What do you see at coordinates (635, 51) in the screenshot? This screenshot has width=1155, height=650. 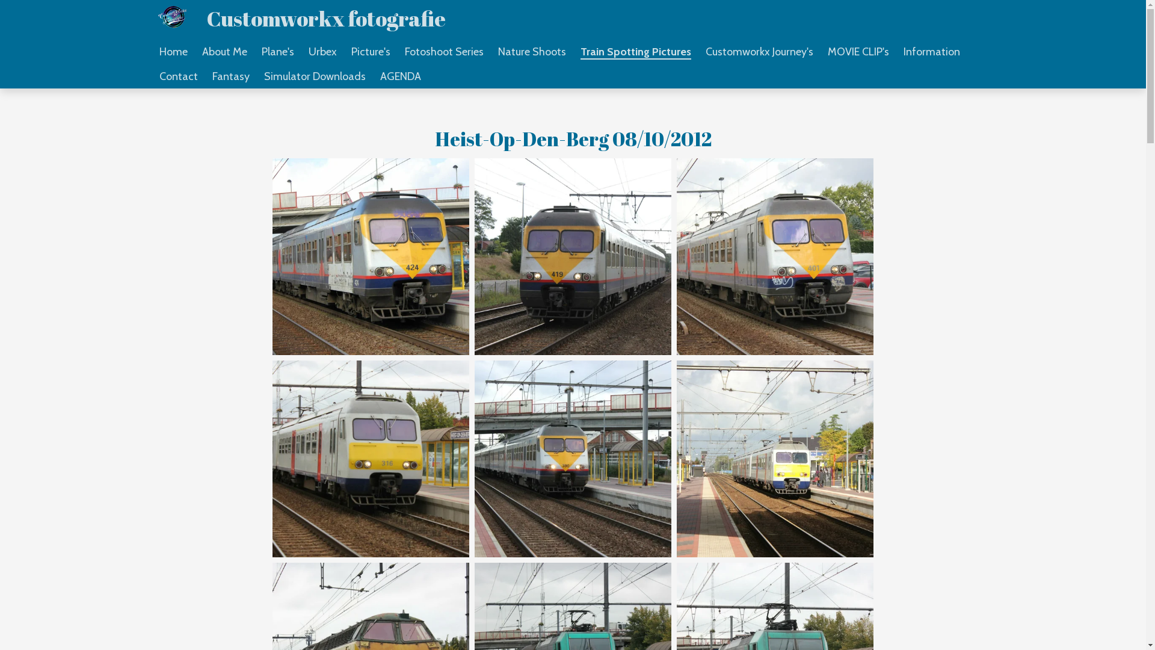 I see `'Train Spotting Pictures'` at bounding box center [635, 51].